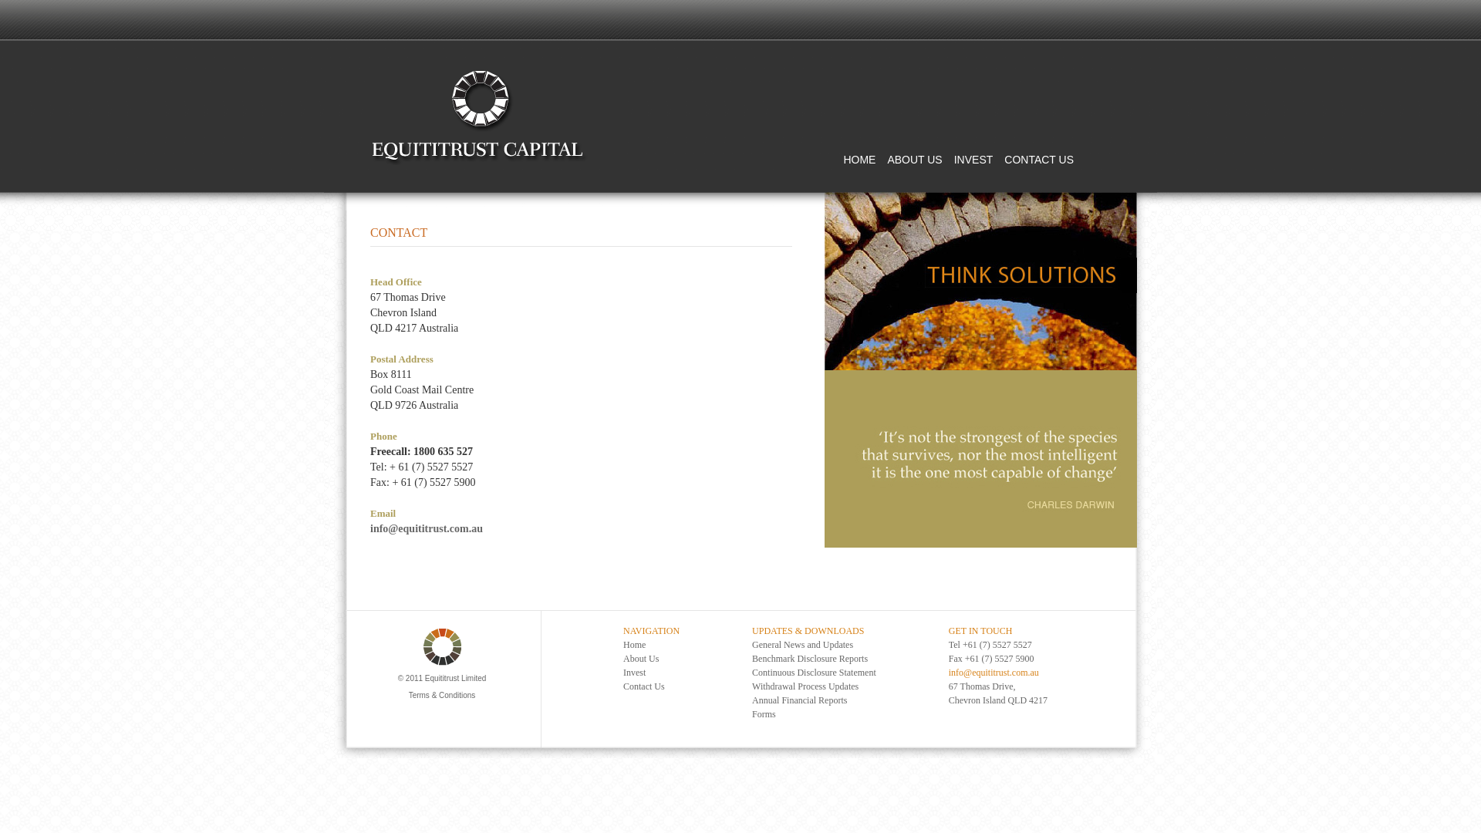  Describe the element at coordinates (751, 671) in the screenshot. I see `'Continuous Disclosure Statement'` at that location.